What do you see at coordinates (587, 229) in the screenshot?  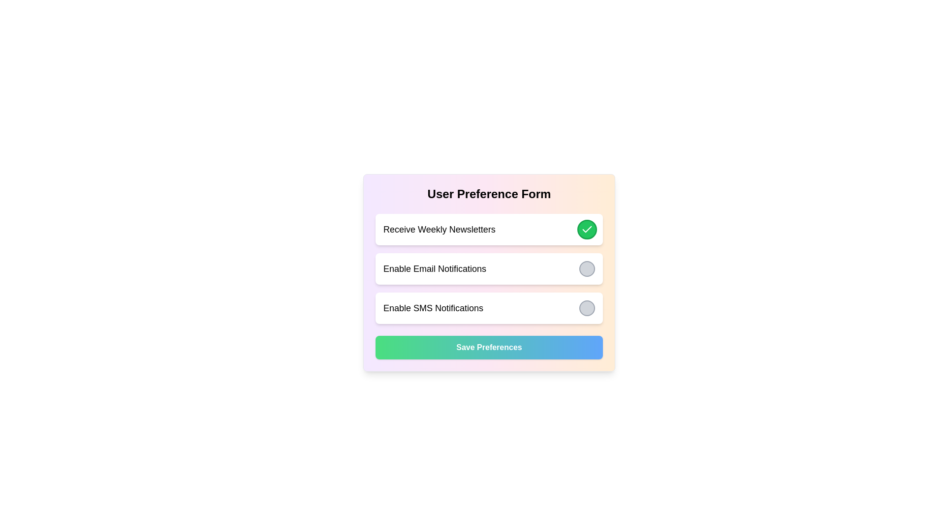 I see `the circular green toggle button with a white checkmark icon located to the right of the 'Receive Weekly Newsletters' option` at bounding box center [587, 229].